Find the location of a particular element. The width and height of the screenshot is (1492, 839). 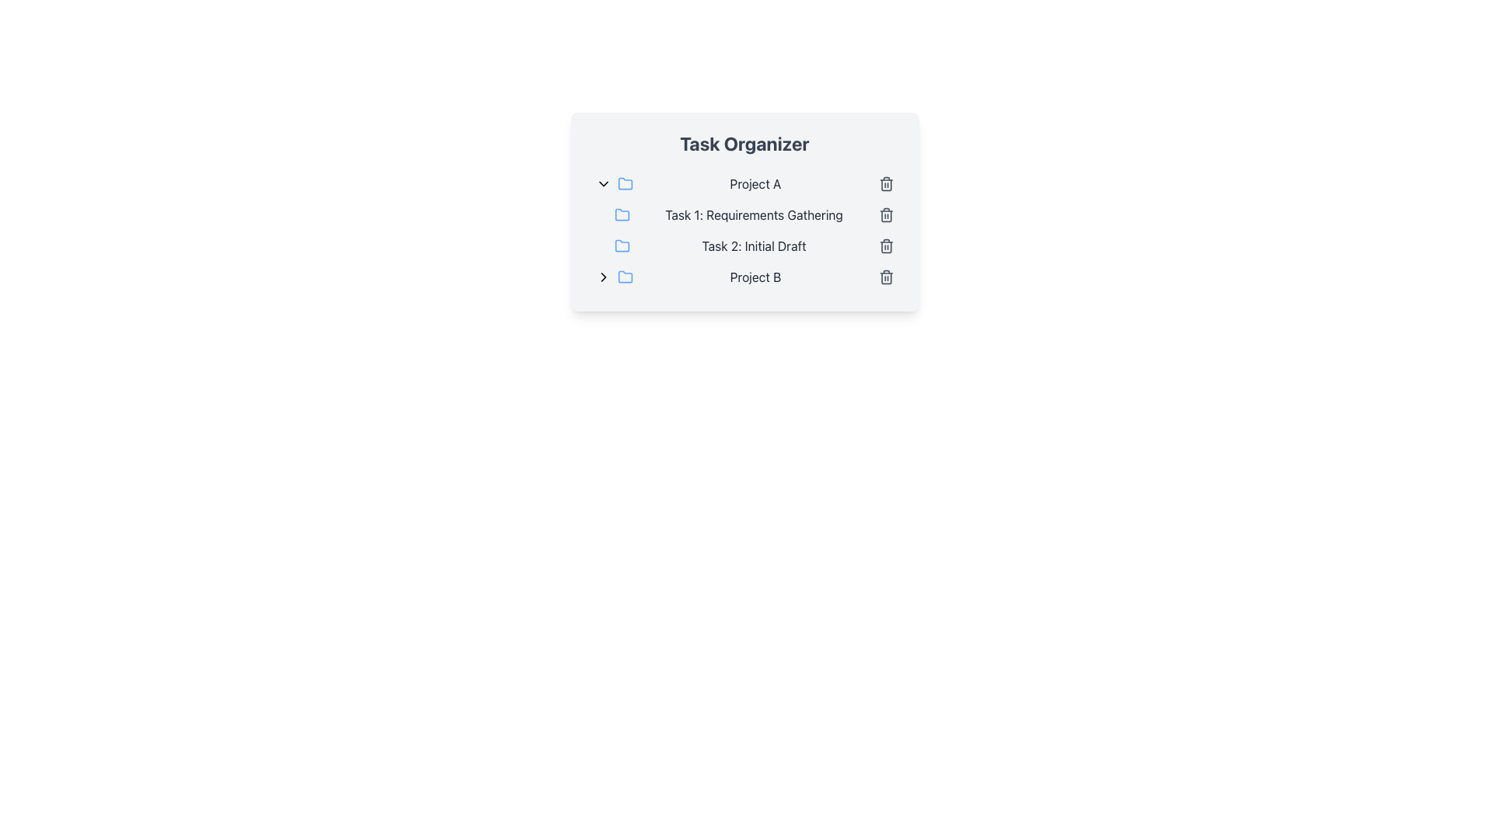

header text element labeled 'Task Organizer', which is bold and large-sized, positioned at the top of the card layout is located at coordinates (744, 144).